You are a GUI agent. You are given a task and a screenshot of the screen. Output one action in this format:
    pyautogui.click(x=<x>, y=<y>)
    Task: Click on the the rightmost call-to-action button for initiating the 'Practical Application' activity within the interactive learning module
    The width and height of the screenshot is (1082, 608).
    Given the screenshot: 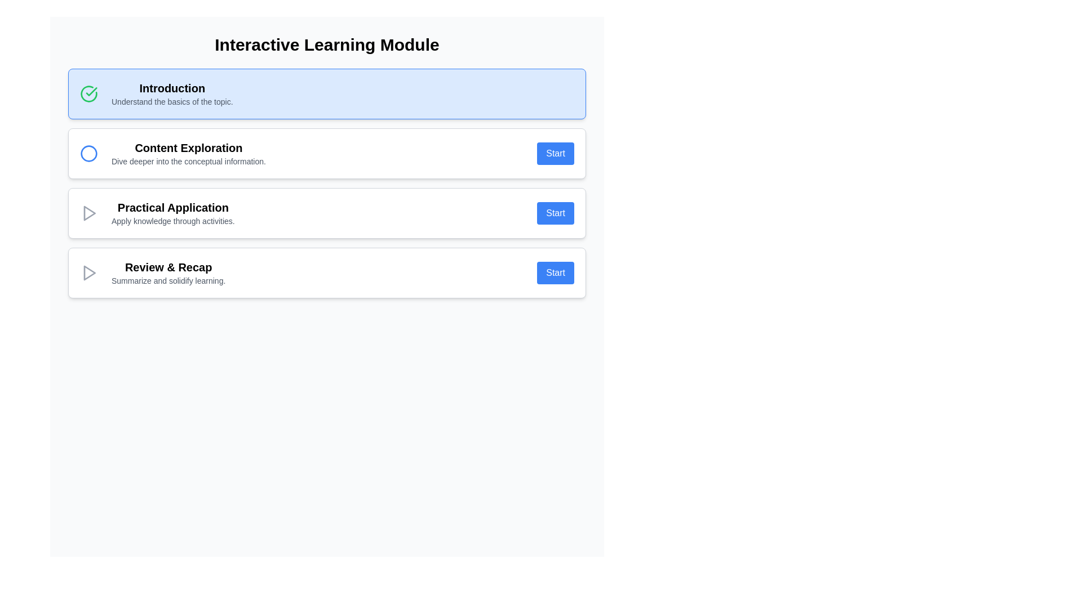 What is the action you would take?
    pyautogui.click(x=556, y=213)
    